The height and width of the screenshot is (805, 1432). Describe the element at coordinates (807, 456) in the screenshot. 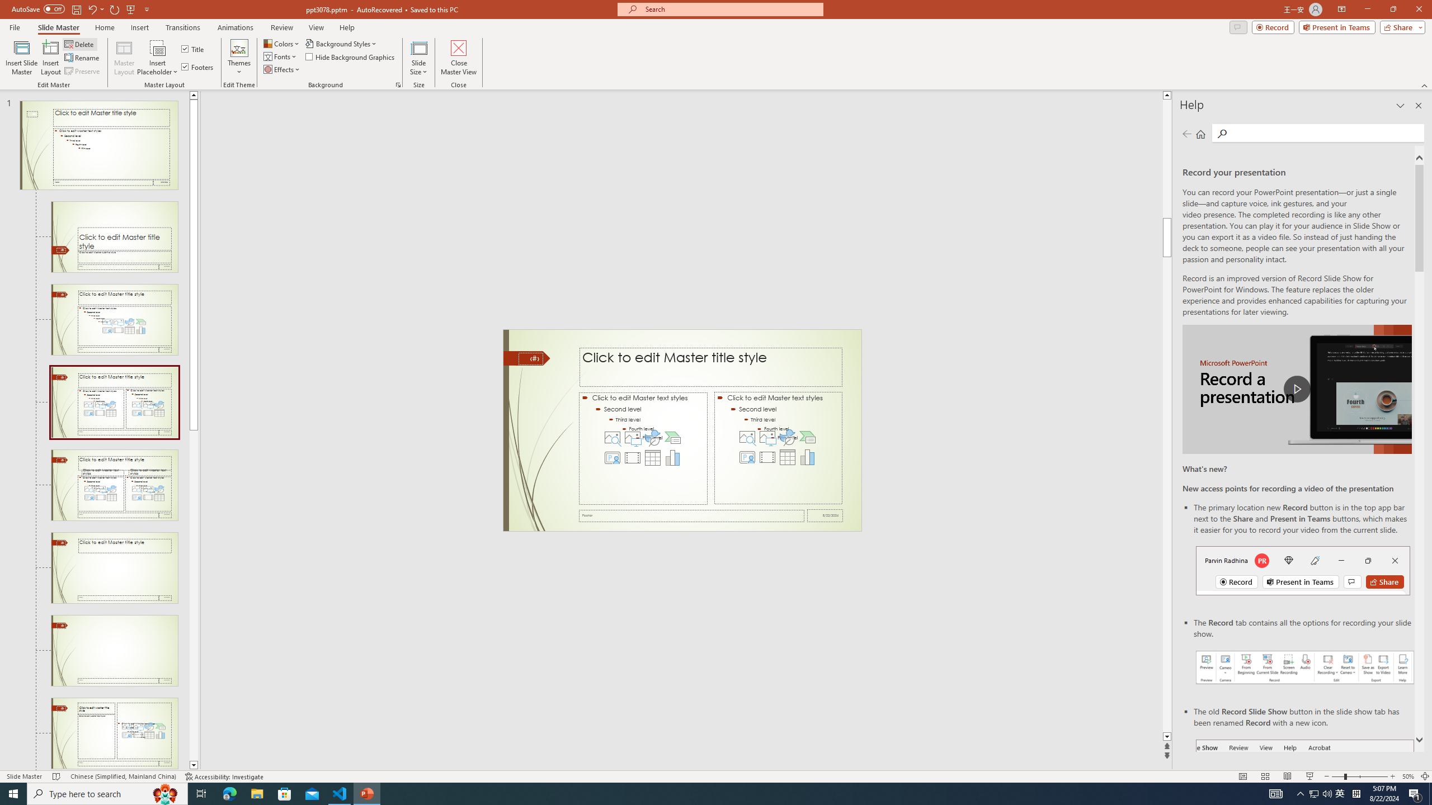

I see `'Insert Chart'` at that location.